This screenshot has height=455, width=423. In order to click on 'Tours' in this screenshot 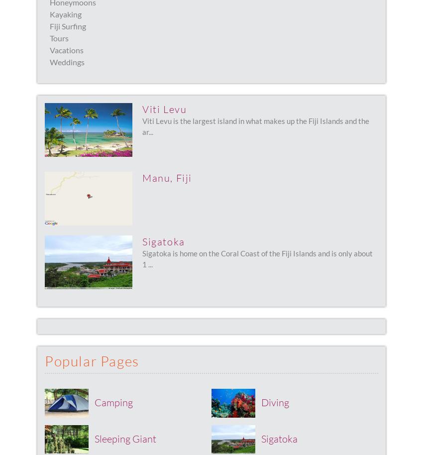, I will do `click(59, 37)`.